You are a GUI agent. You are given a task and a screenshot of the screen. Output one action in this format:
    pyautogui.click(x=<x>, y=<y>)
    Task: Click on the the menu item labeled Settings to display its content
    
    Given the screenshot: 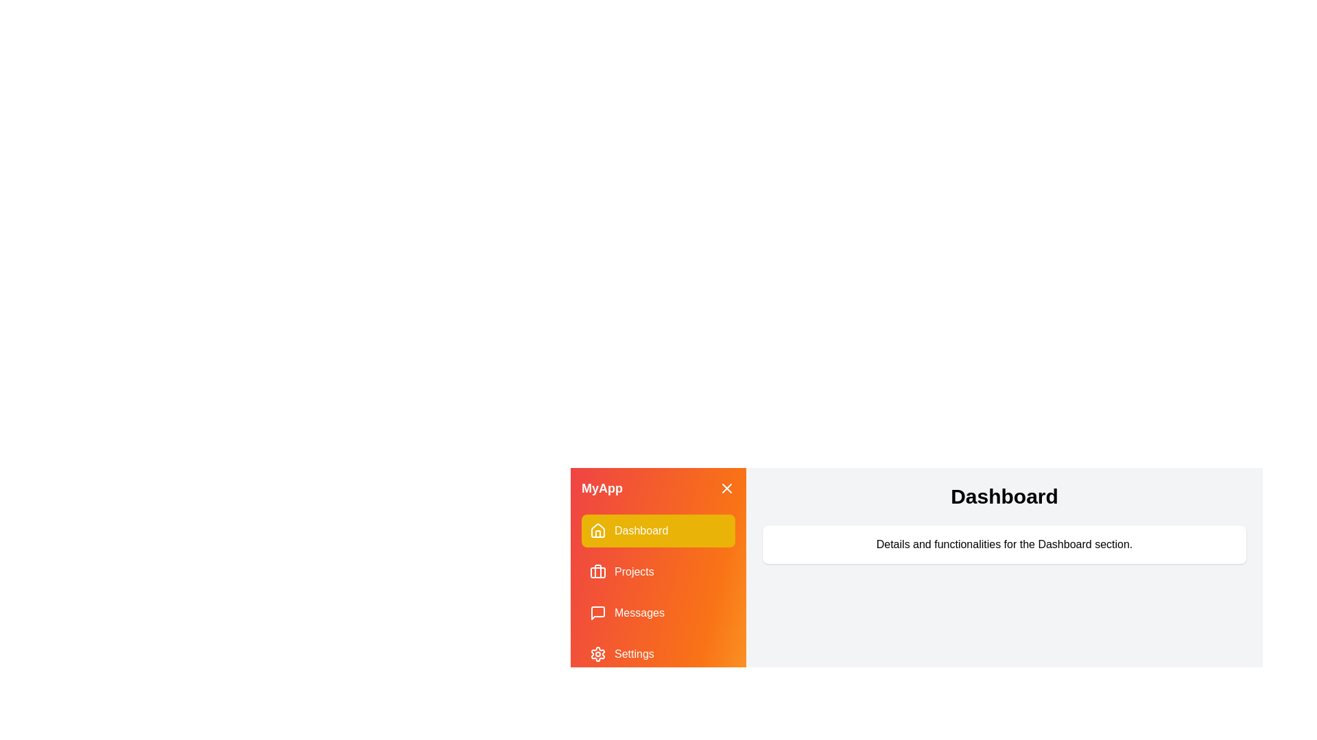 What is the action you would take?
    pyautogui.click(x=658, y=654)
    